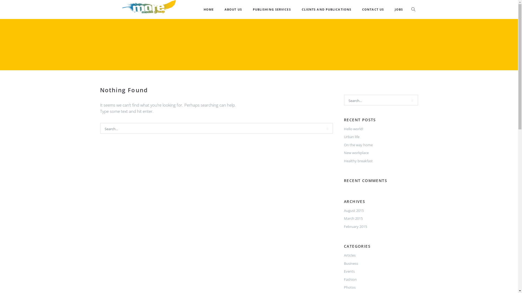 The height and width of the screenshot is (293, 522). What do you see at coordinates (353, 218) in the screenshot?
I see `'March 2015'` at bounding box center [353, 218].